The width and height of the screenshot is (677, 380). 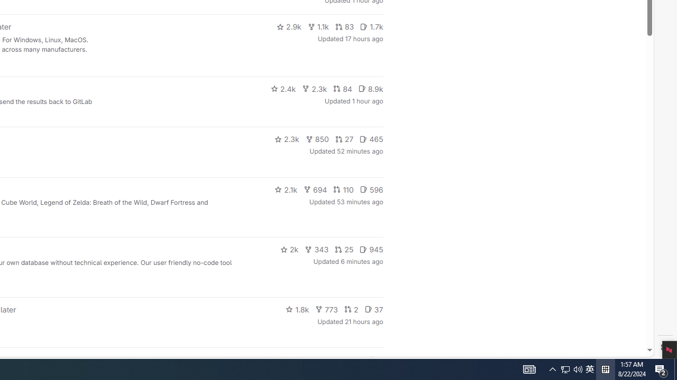 I want to click on '8.9k', so click(x=370, y=88).